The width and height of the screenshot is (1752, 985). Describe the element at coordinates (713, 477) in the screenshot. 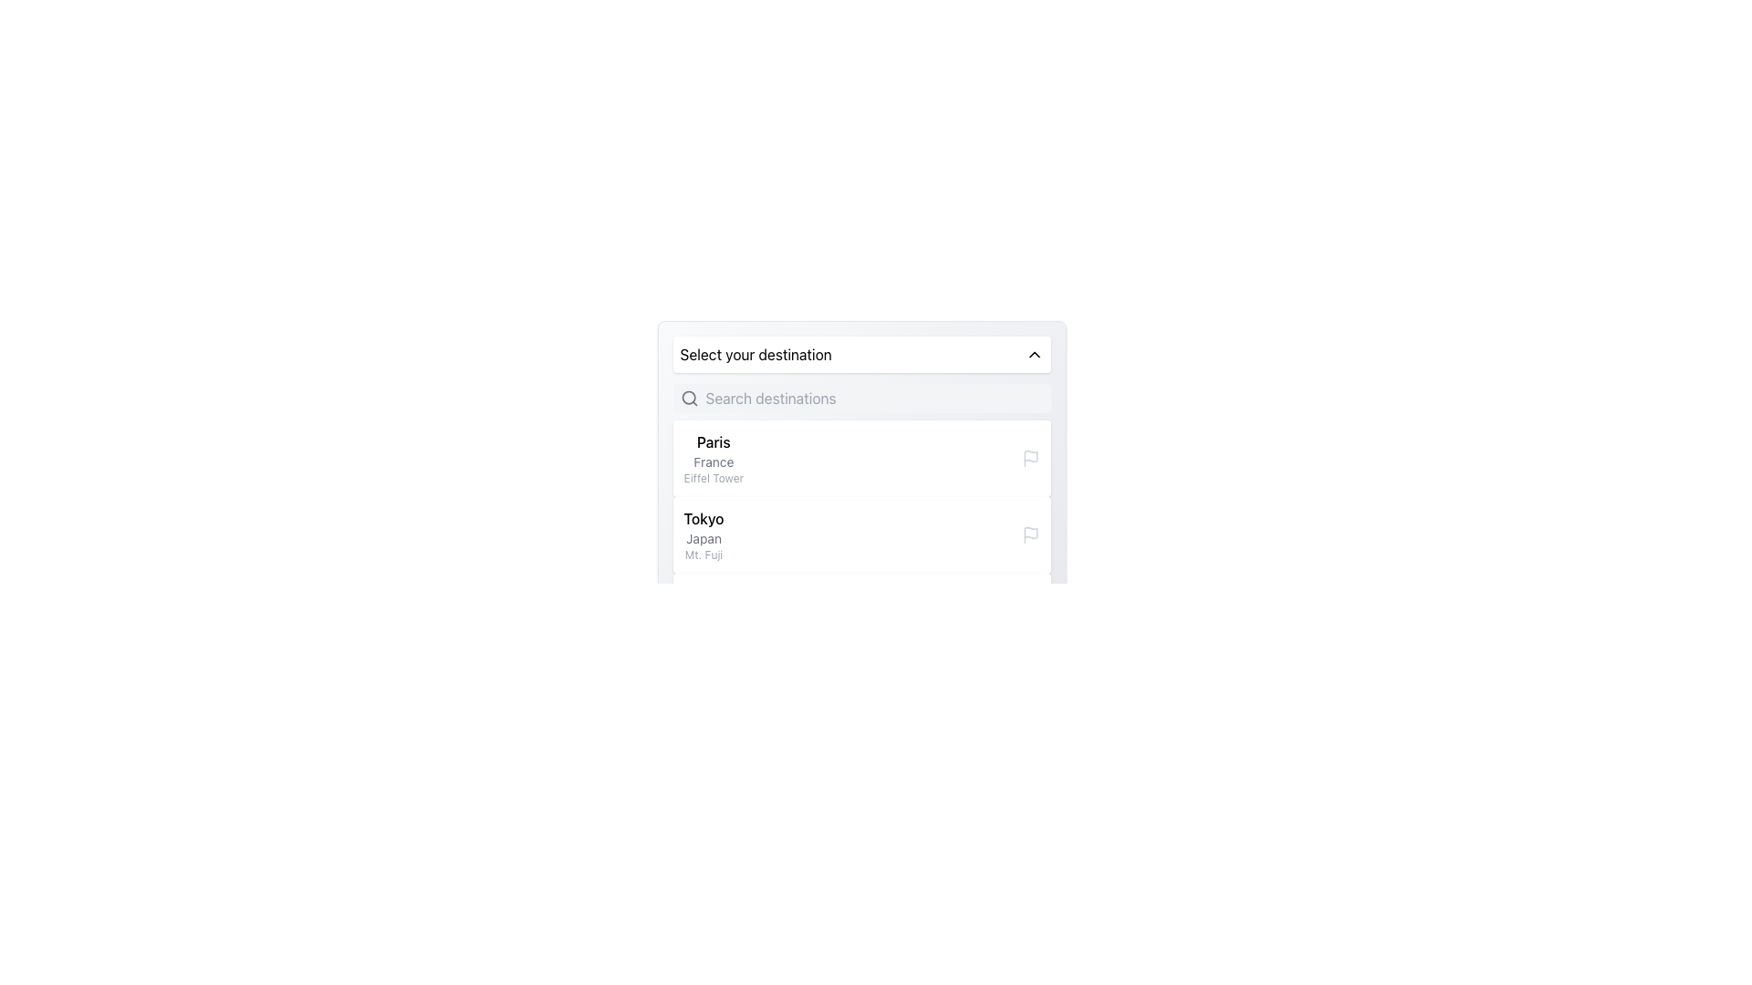

I see `the small-sized gray text label saying 'Eiffel Tower' that is positioned below the 'France' label within the 'Paris' destination entry` at that location.